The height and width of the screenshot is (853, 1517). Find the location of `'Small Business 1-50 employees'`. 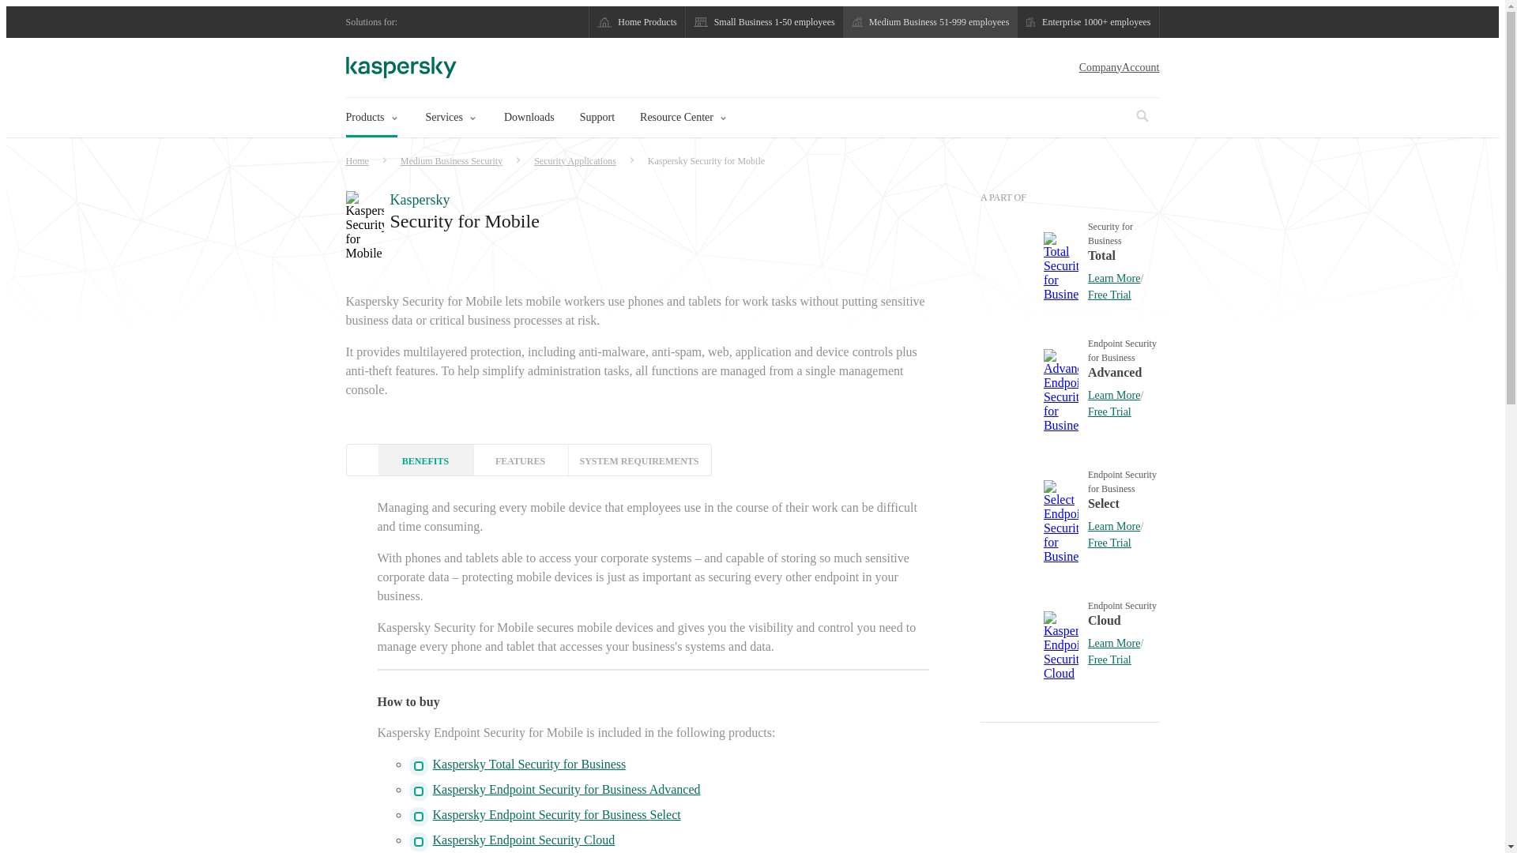

'Small Business 1-50 employees' is located at coordinates (765, 21).